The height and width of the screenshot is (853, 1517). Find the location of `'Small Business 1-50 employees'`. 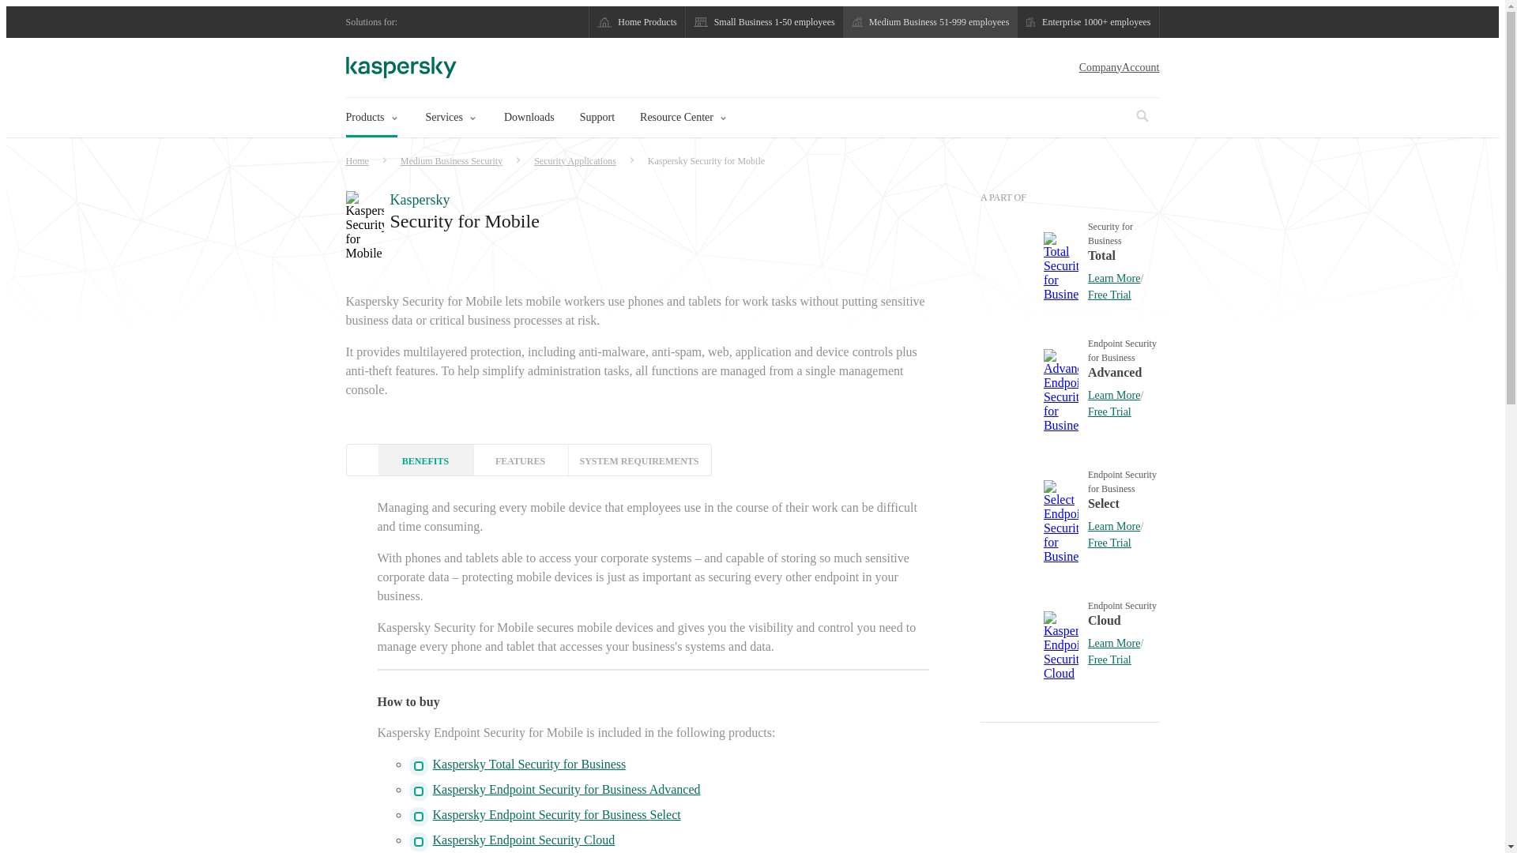

'Small Business 1-50 employees' is located at coordinates (765, 21).